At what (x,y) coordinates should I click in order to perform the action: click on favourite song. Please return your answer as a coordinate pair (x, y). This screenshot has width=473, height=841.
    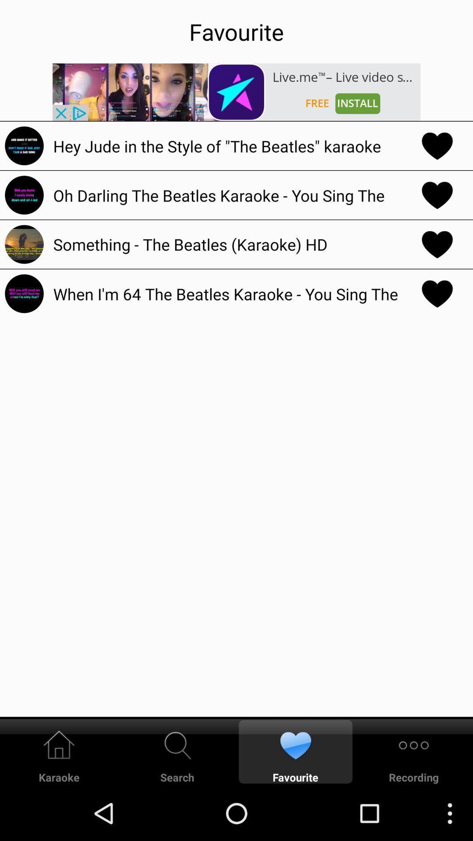
    Looking at the image, I should click on (437, 194).